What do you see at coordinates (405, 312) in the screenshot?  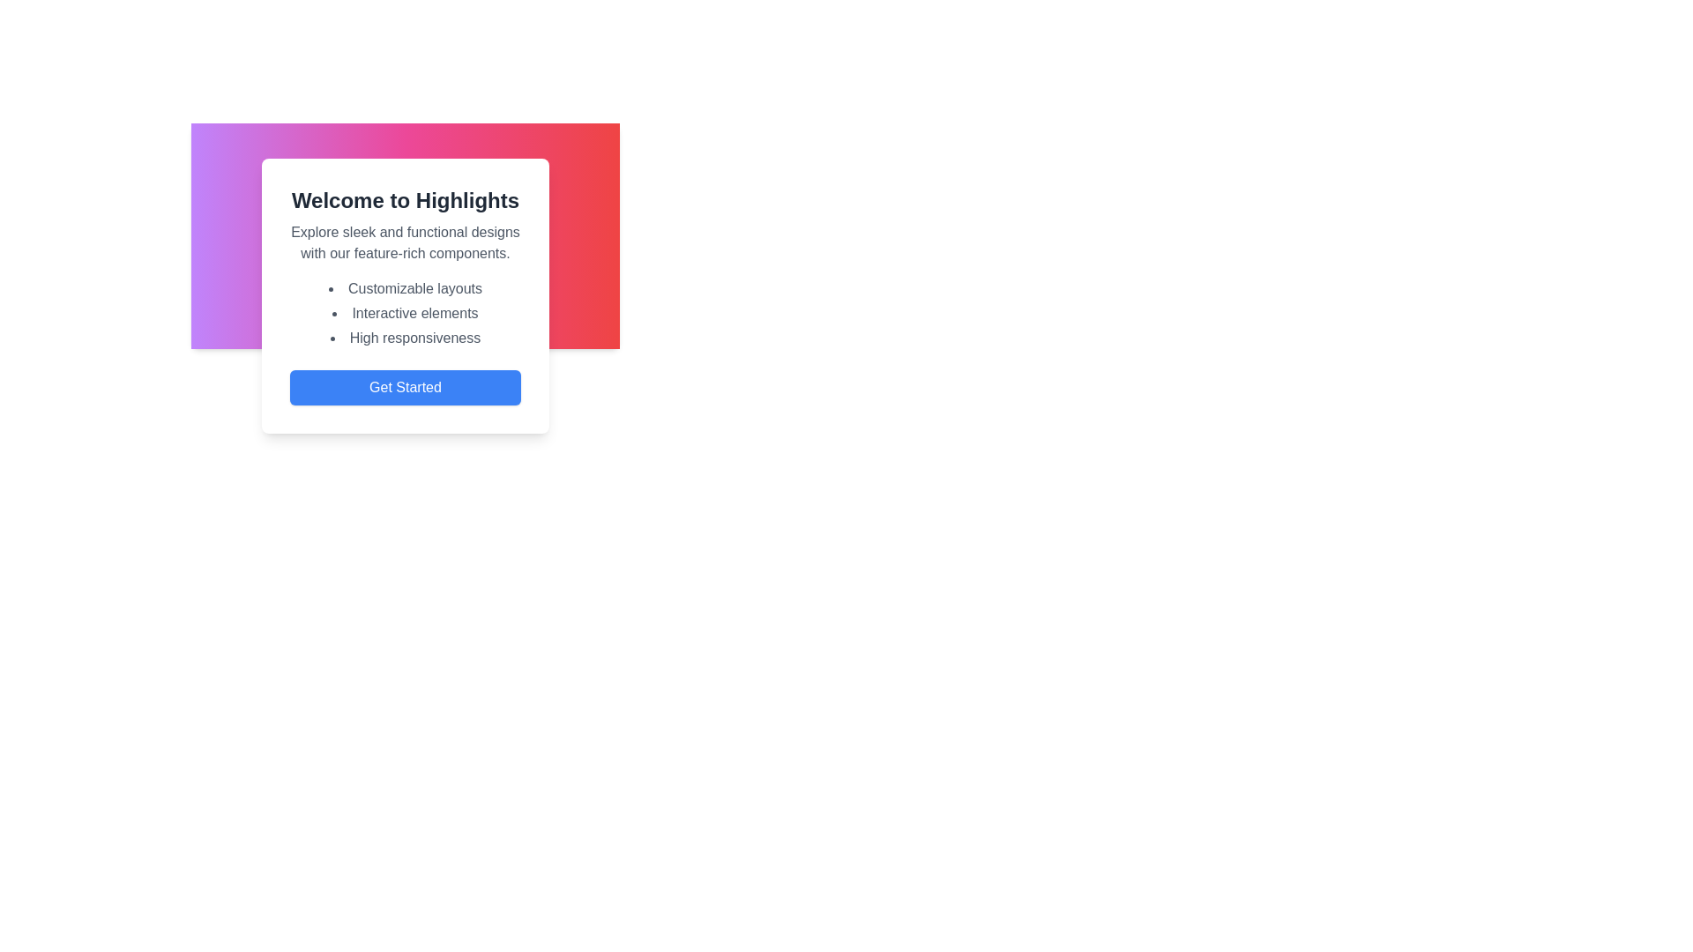 I see `the text item displaying 'Interactive elements' in the bulleted list, which is the second item in the list and is positioned between 'Customizable layouts' and 'High responsiveness'` at bounding box center [405, 312].